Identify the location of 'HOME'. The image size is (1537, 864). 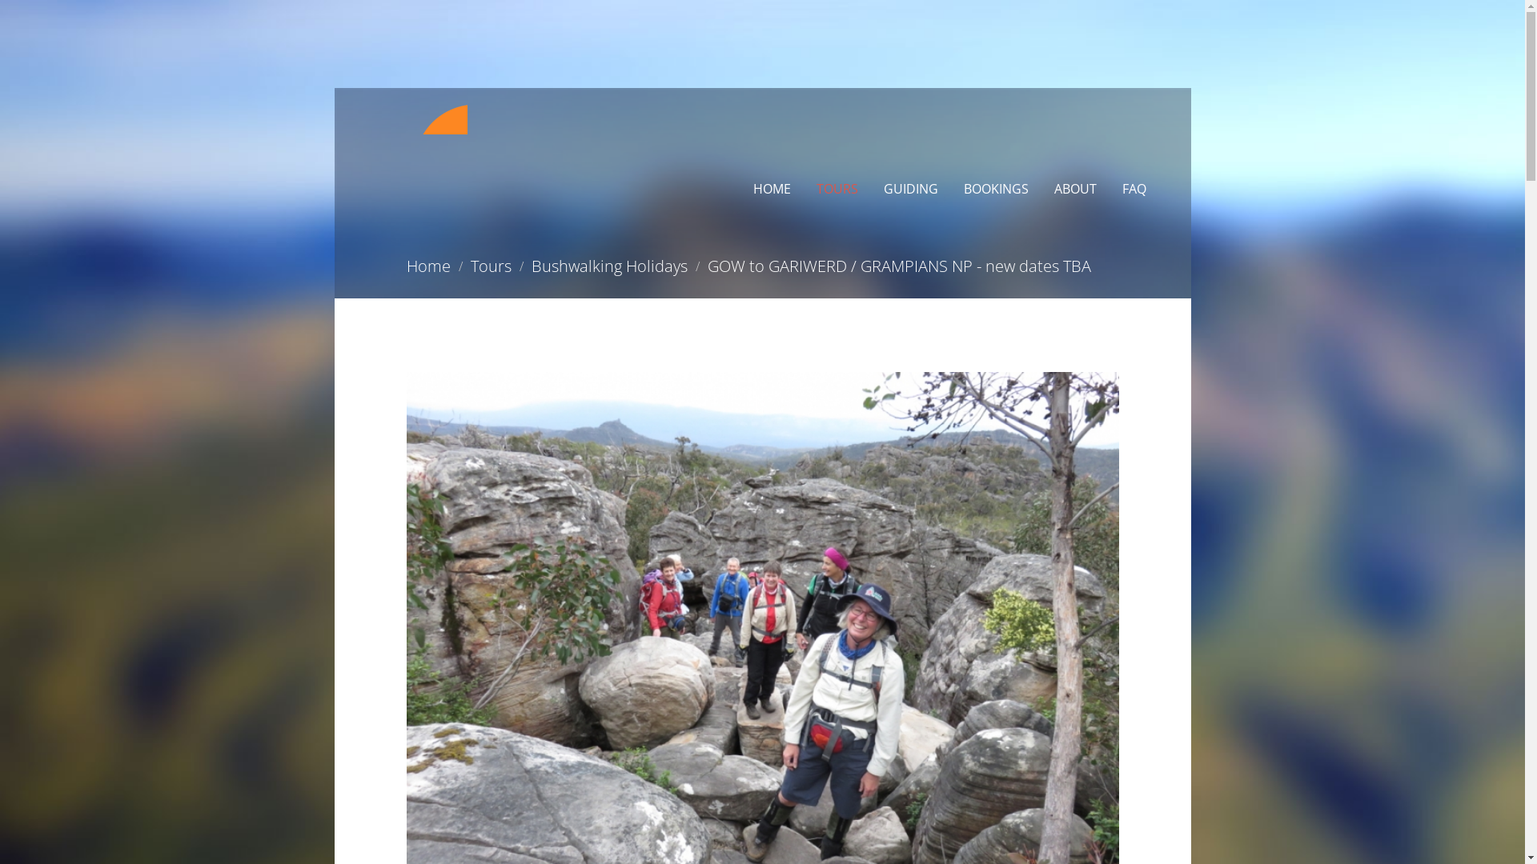
(771, 187).